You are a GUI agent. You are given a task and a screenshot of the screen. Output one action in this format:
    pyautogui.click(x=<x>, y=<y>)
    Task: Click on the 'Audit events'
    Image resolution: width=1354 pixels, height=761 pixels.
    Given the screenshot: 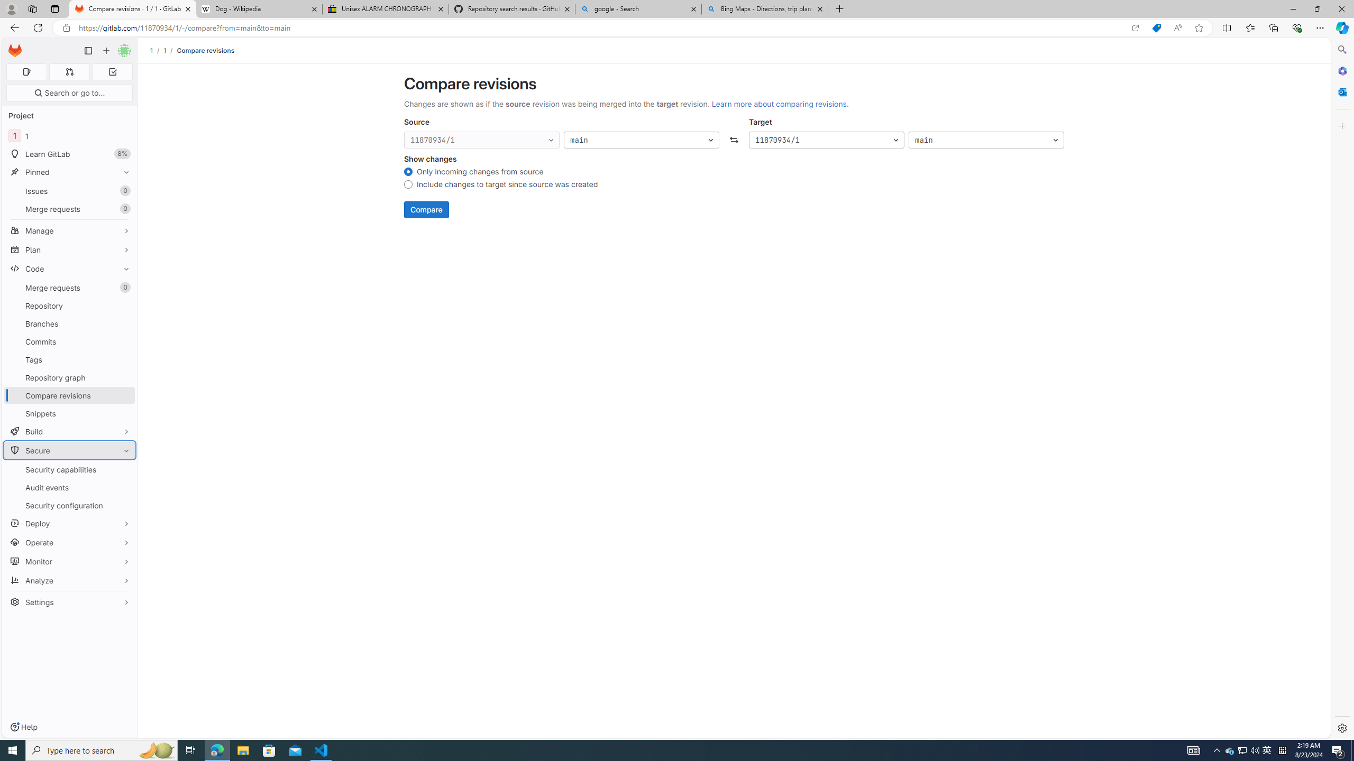 What is the action you would take?
    pyautogui.click(x=69, y=487)
    